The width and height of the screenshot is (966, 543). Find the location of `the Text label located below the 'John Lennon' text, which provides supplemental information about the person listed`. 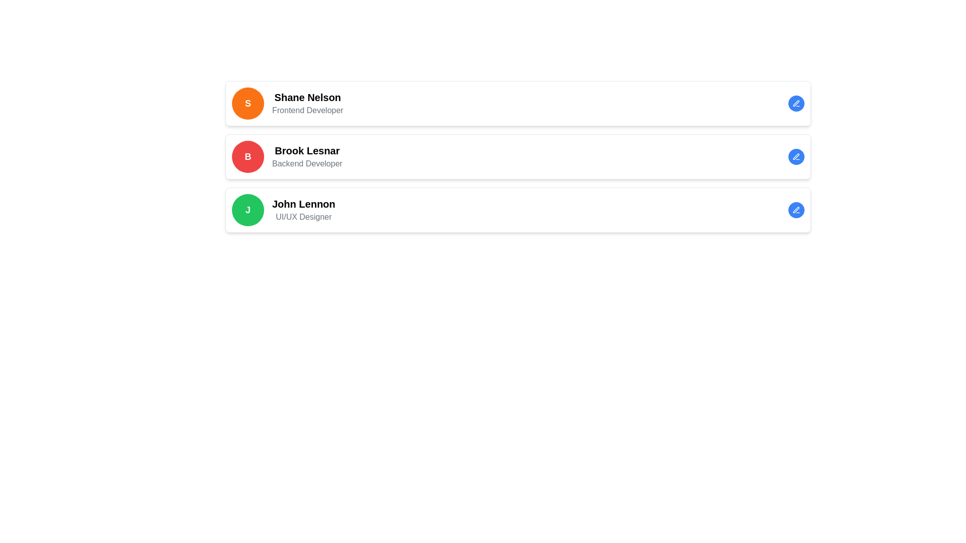

the Text label located below the 'John Lennon' text, which provides supplemental information about the person listed is located at coordinates (303, 217).